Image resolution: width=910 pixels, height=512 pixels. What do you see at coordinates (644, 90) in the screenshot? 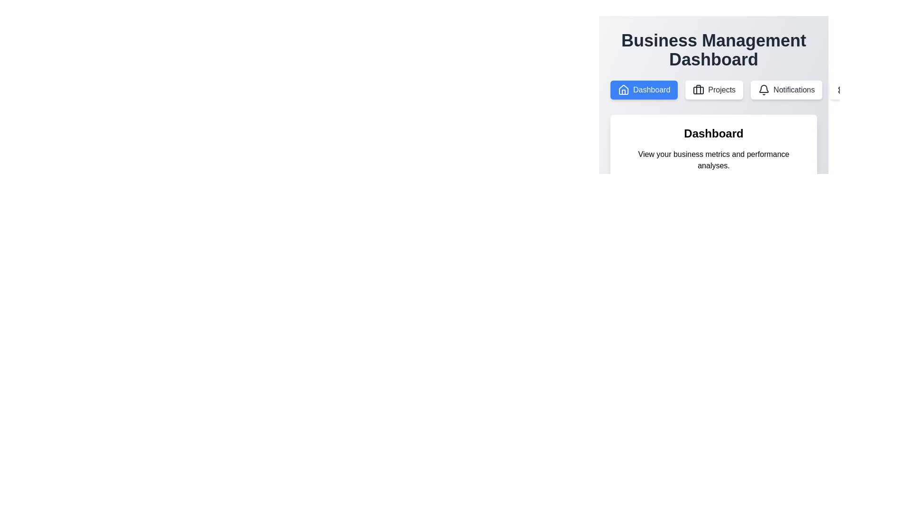
I see `the leftmost navigation button in the Business Management Dashboard to trigger a visual response` at bounding box center [644, 90].